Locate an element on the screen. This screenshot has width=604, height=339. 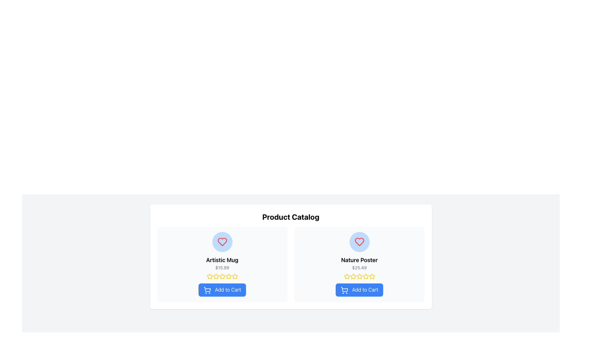
the fifth star-shaped icon with a yellow outline in the star rating sequence under the product description of 'Nature Poster' is located at coordinates (372, 276).